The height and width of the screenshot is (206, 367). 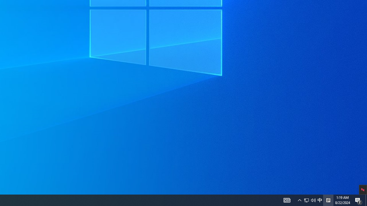 What do you see at coordinates (328, 200) in the screenshot?
I see `'Tray Input Indicator - Chinese (Simplified, China)'` at bounding box center [328, 200].